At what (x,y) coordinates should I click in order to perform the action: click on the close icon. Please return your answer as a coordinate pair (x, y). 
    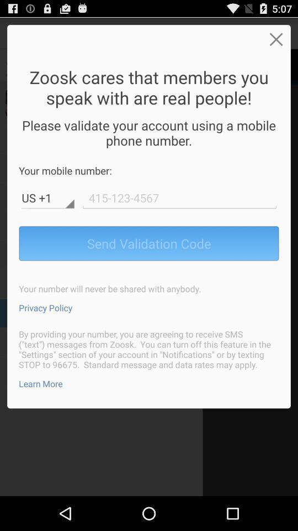
    Looking at the image, I should click on (275, 41).